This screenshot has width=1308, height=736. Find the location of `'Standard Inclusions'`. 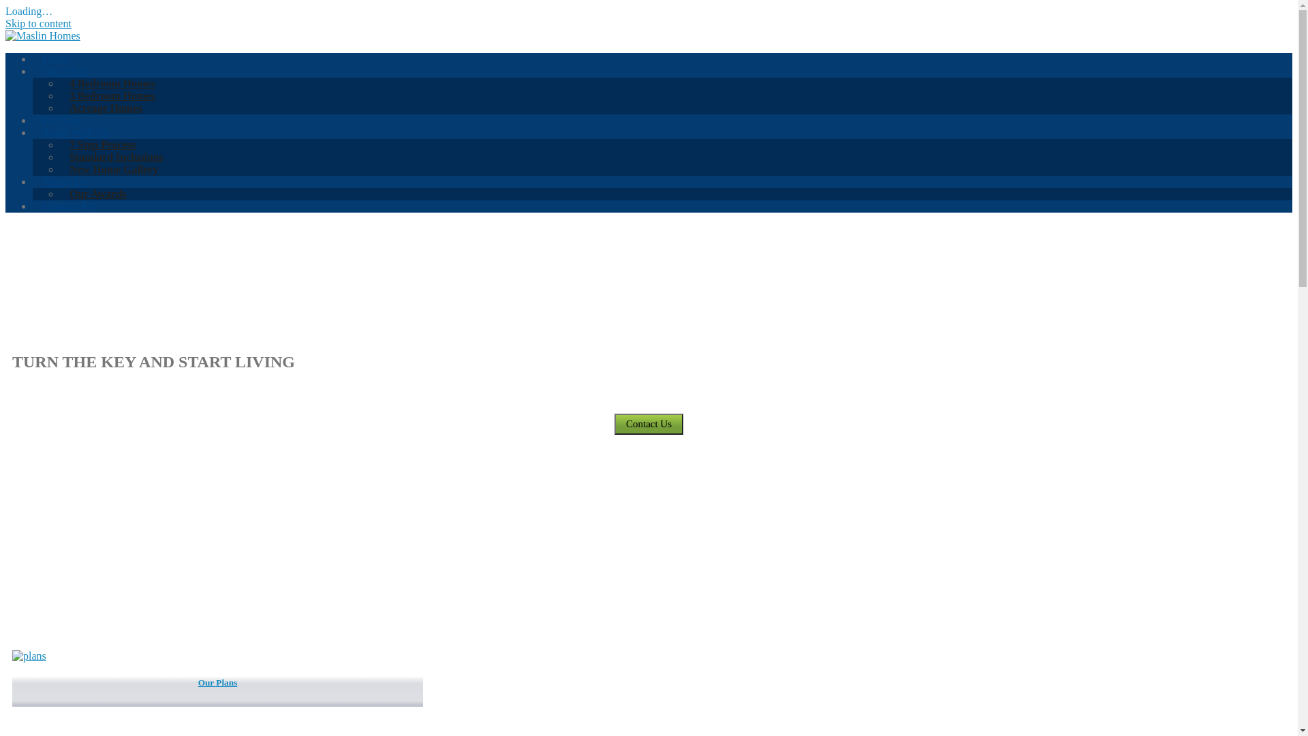

'Standard Inclusions' is located at coordinates (116, 156).